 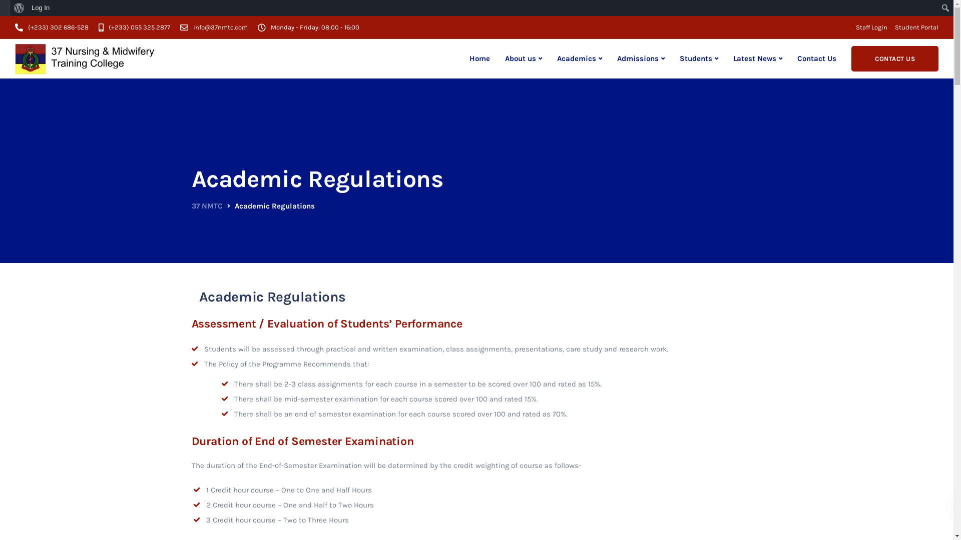 I want to click on '37 NMTC', so click(x=206, y=205).